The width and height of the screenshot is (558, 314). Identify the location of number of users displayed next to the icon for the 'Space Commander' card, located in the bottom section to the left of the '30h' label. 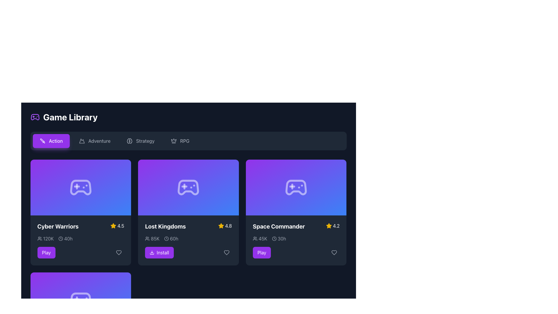
(260, 239).